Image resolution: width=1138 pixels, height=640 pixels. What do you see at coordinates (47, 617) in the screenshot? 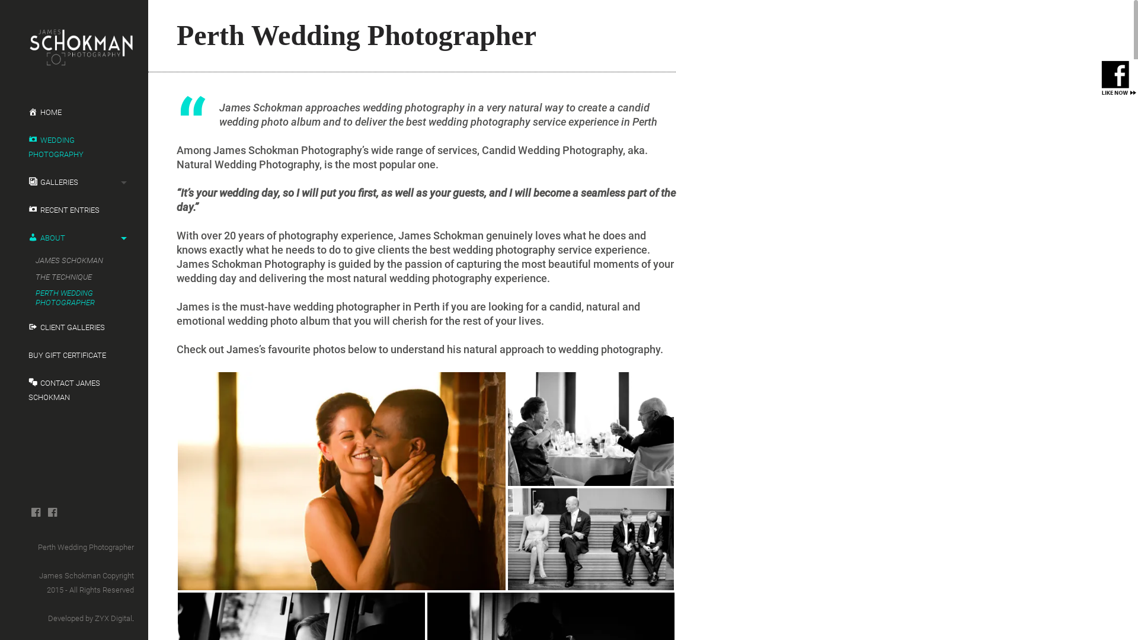
I see `'Developed by ZYX Digital'` at bounding box center [47, 617].